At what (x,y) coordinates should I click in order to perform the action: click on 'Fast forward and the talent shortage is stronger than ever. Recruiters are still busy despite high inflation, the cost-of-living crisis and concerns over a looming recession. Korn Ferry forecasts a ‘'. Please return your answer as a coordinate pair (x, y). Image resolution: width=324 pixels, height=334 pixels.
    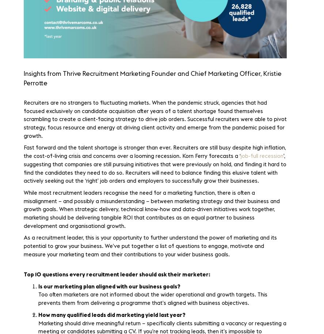
    Looking at the image, I should click on (155, 151).